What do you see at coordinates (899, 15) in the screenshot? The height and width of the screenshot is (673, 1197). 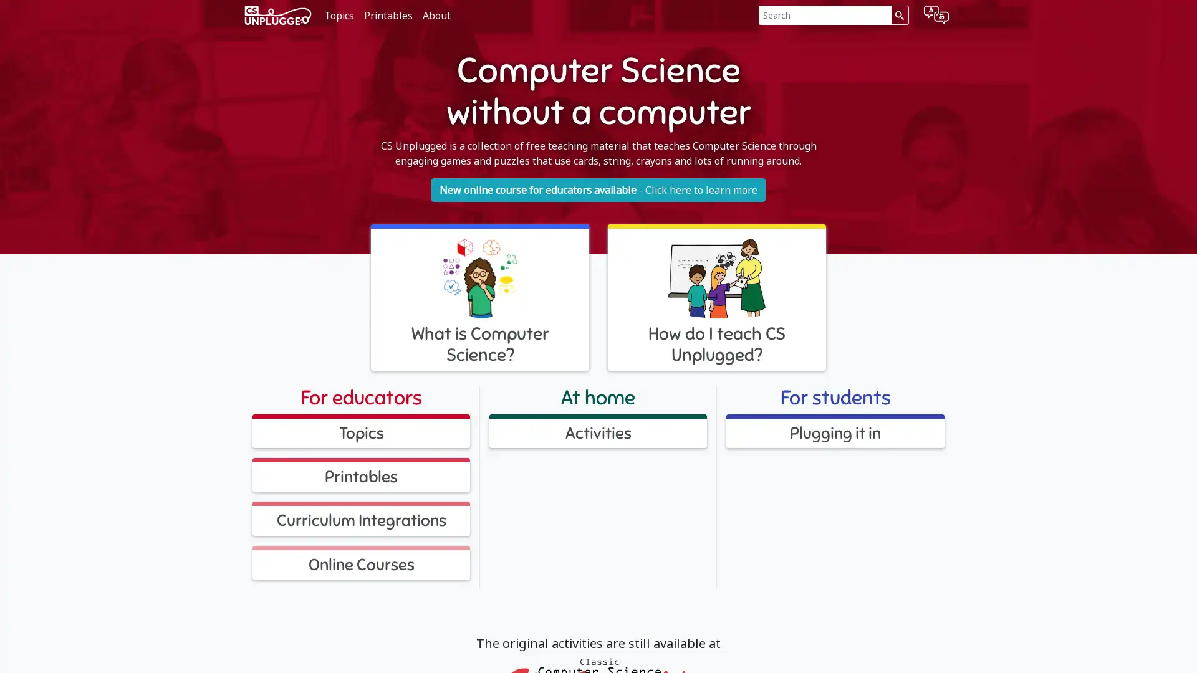 I see `Search` at bounding box center [899, 15].